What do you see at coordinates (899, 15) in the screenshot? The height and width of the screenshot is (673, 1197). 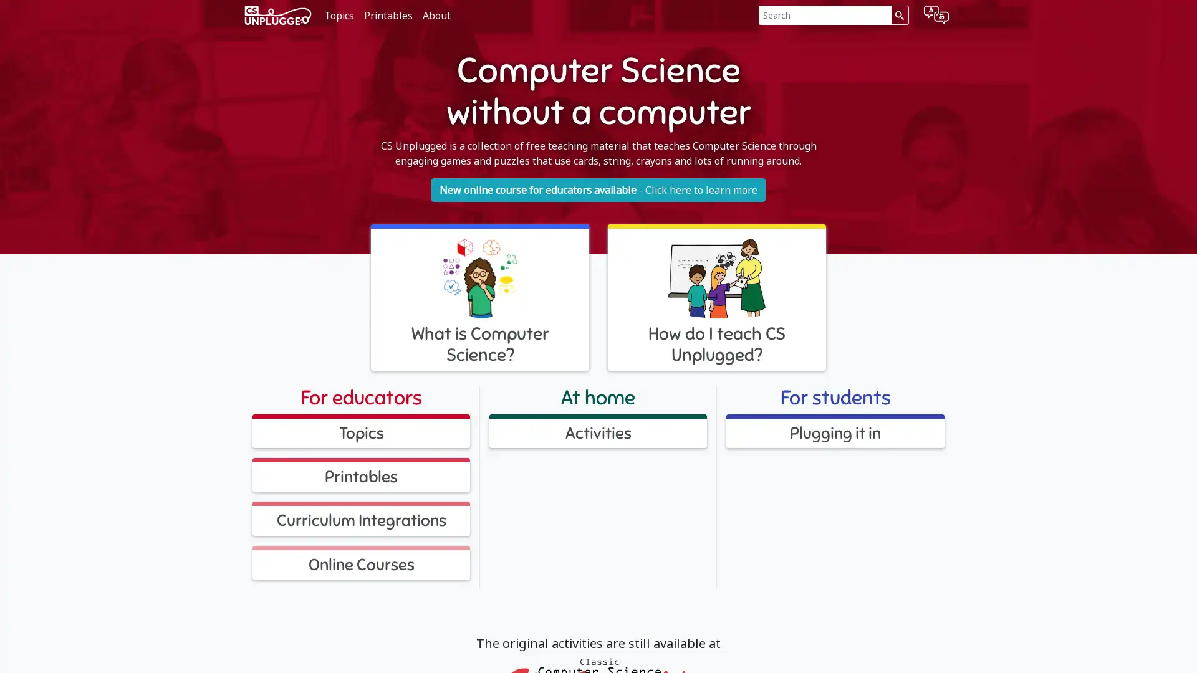 I see `Search` at bounding box center [899, 15].